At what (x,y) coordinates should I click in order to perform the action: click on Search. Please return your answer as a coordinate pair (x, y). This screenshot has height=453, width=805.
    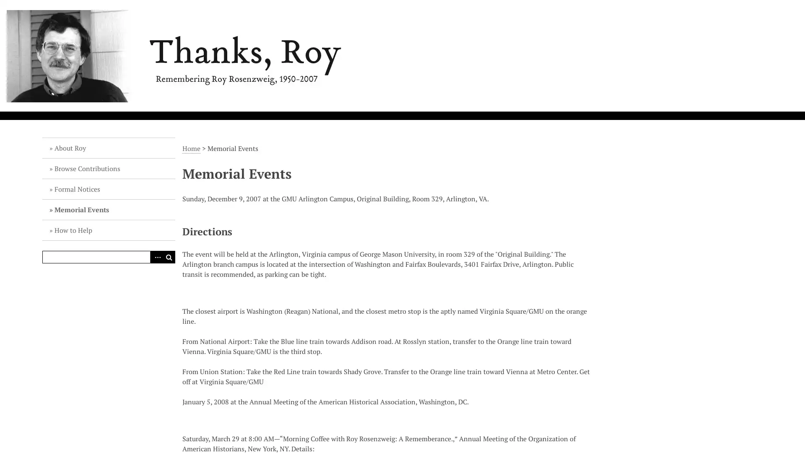
    Looking at the image, I should click on (169, 257).